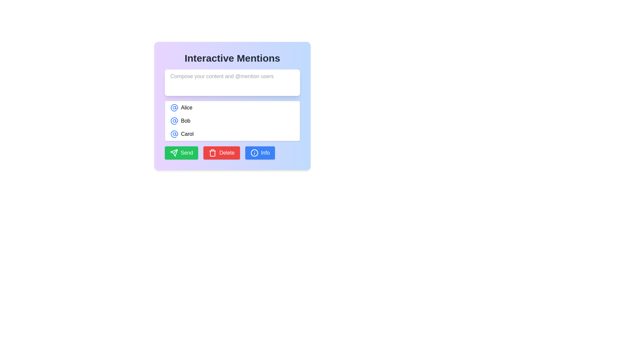 The height and width of the screenshot is (356, 633). What do you see at coordinates (222, 153) in the screenshot?
I see `the middle delete button located between the green 'Send' button and the blue 'Info' button in the lower section of the interface` at bounding box center [222, 153].